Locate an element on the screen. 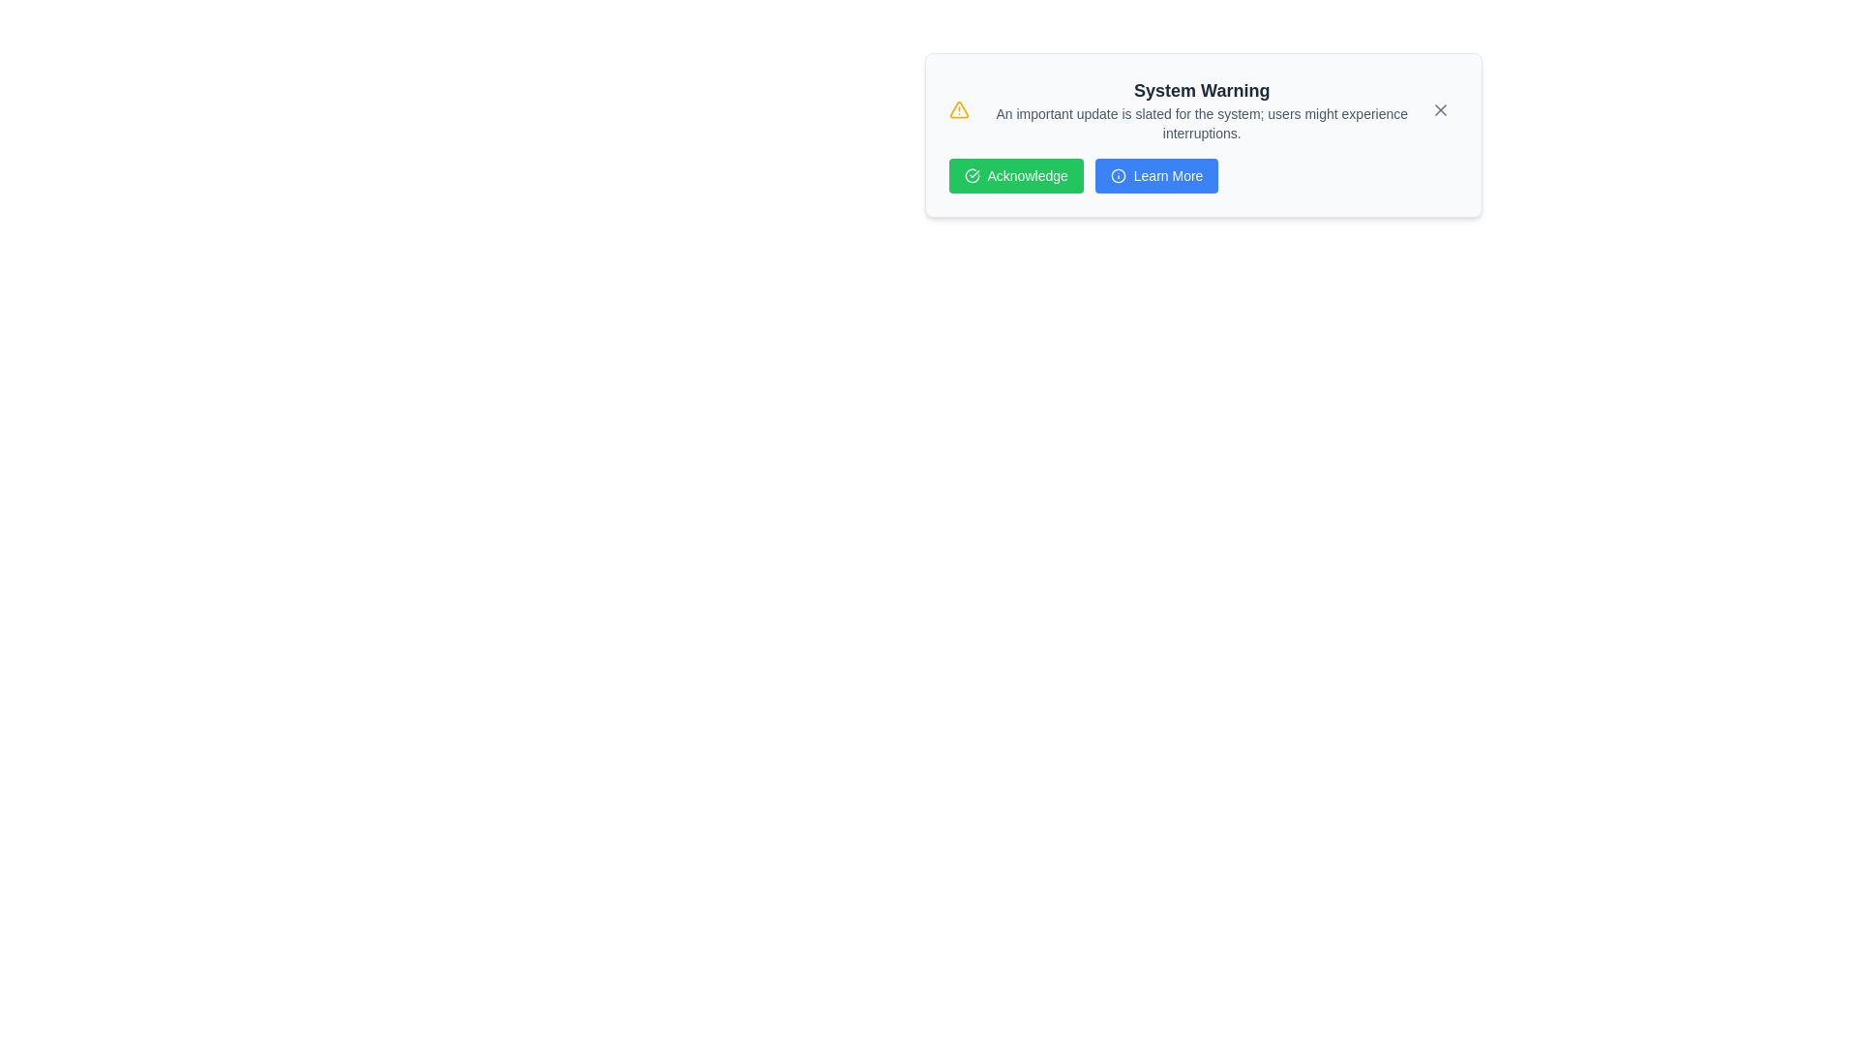 The width and height of the screenshot is (1858, 1045). the small, rounded button with an 'X' icon at the top-right corner of the notification panel is located at coordinates (1440, 110).